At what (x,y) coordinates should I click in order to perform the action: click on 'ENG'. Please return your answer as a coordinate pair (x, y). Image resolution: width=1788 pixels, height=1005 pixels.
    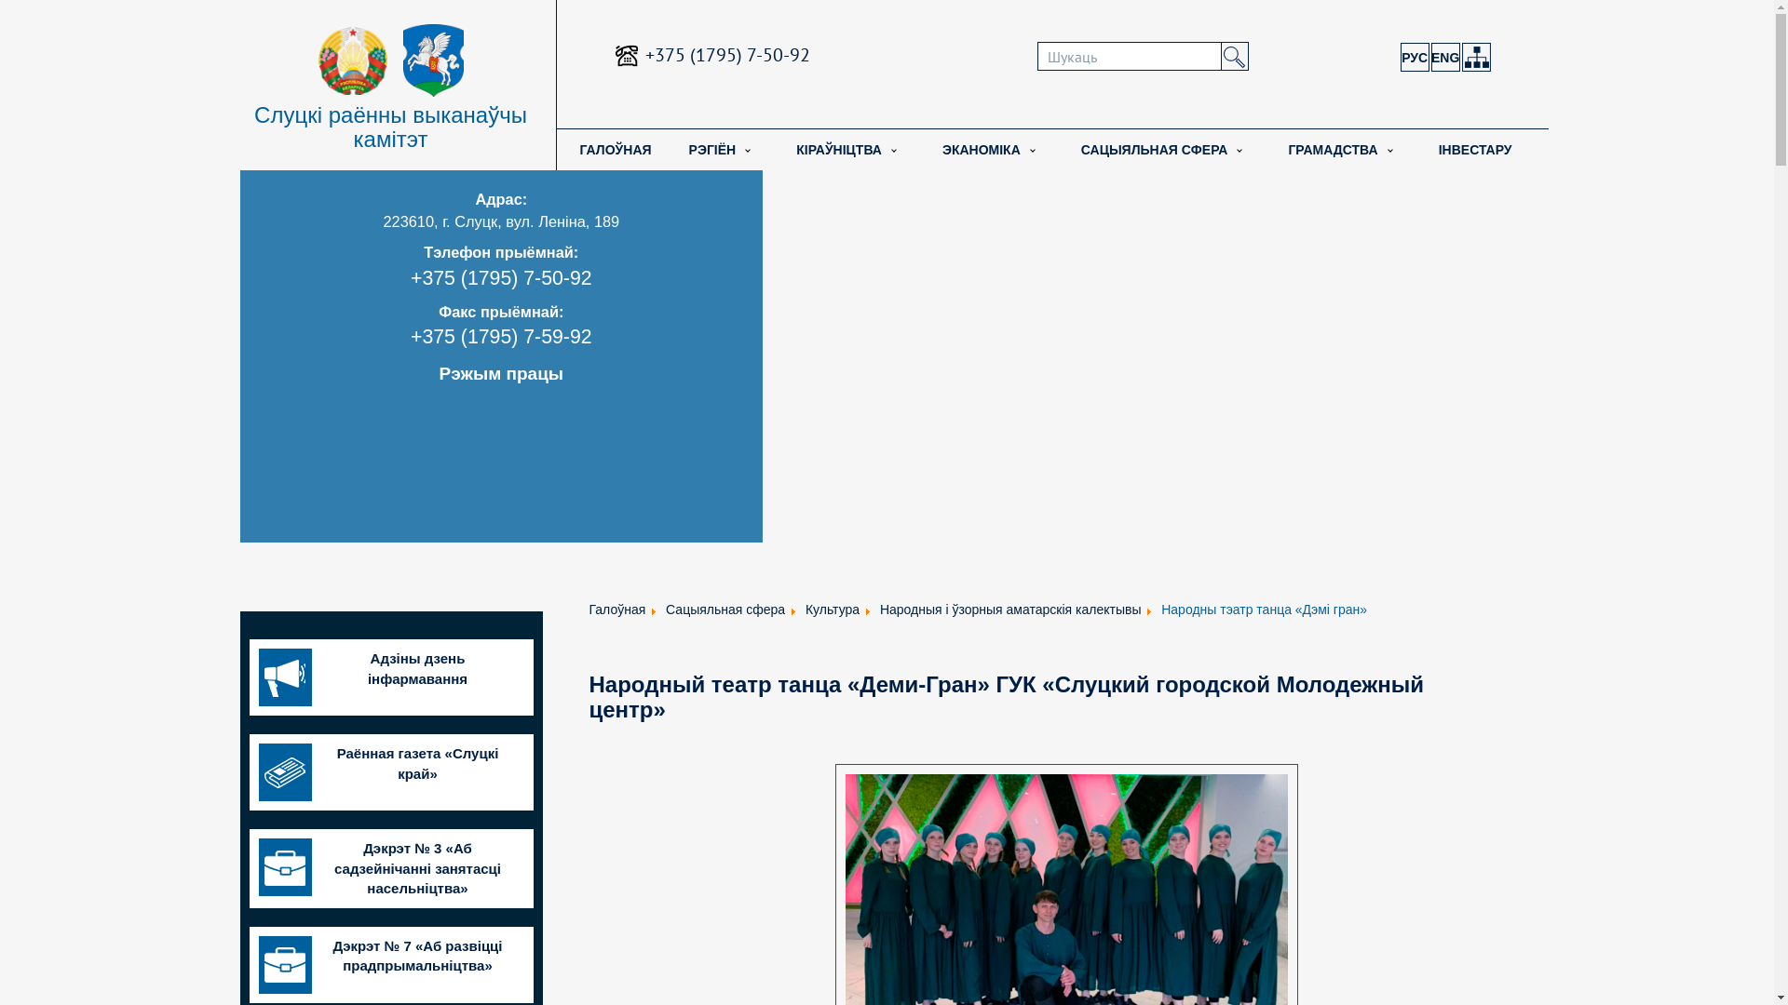
    Looking at the image, I should click on (1444, 56).